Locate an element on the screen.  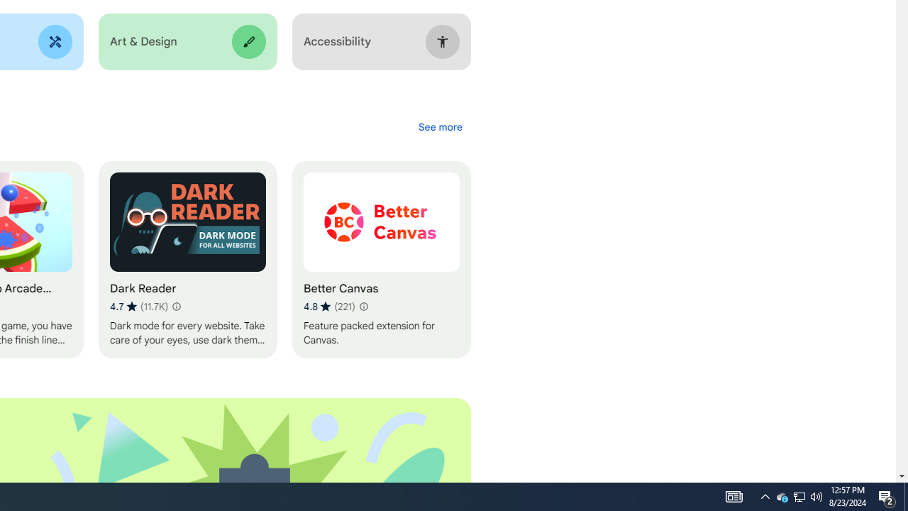
'Art & Design' is located at coordinates (187, 41).